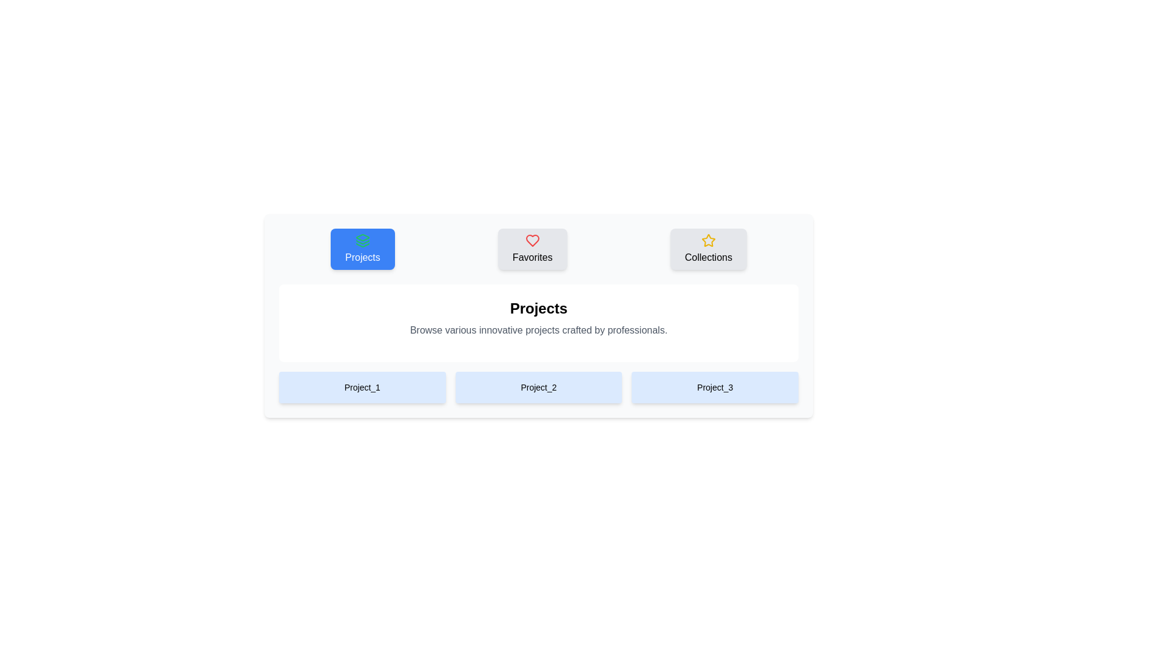 The height and width of the screenshot is (655, 1165). I want to click on the Projects tab by clicking on it, so click(362, 249).